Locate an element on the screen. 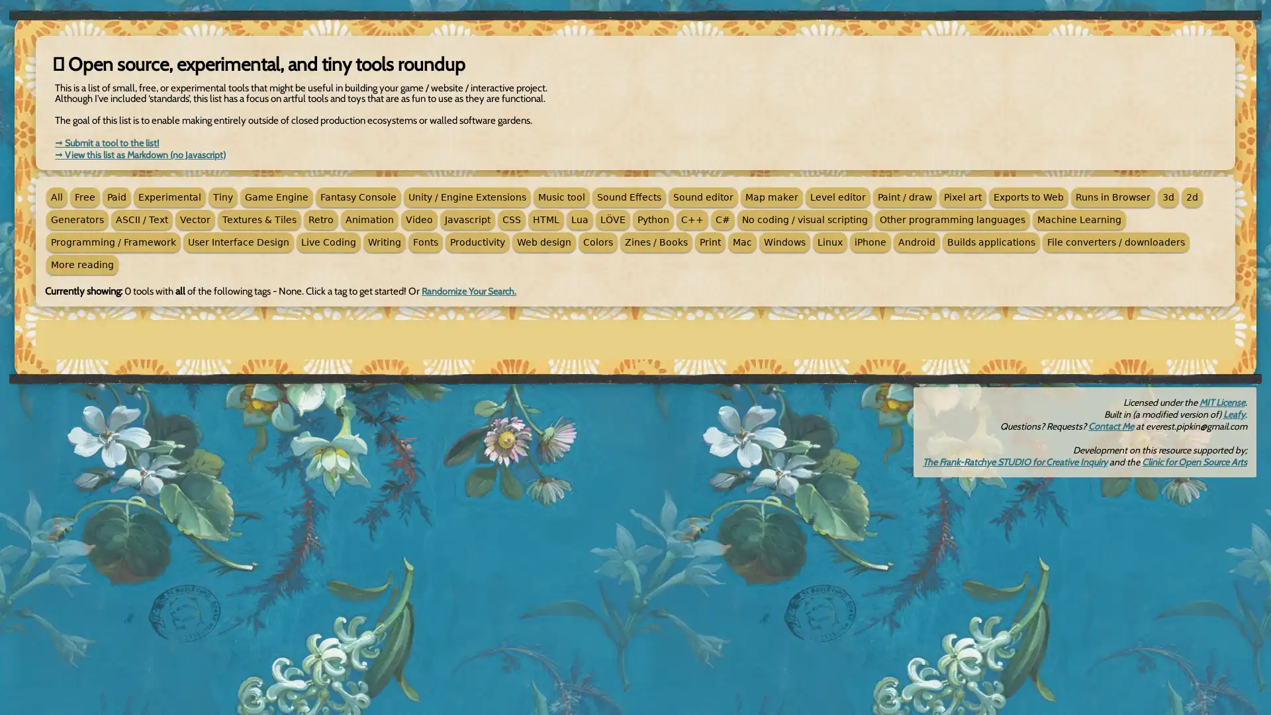  Tiny is located at coordinates (222, 197).